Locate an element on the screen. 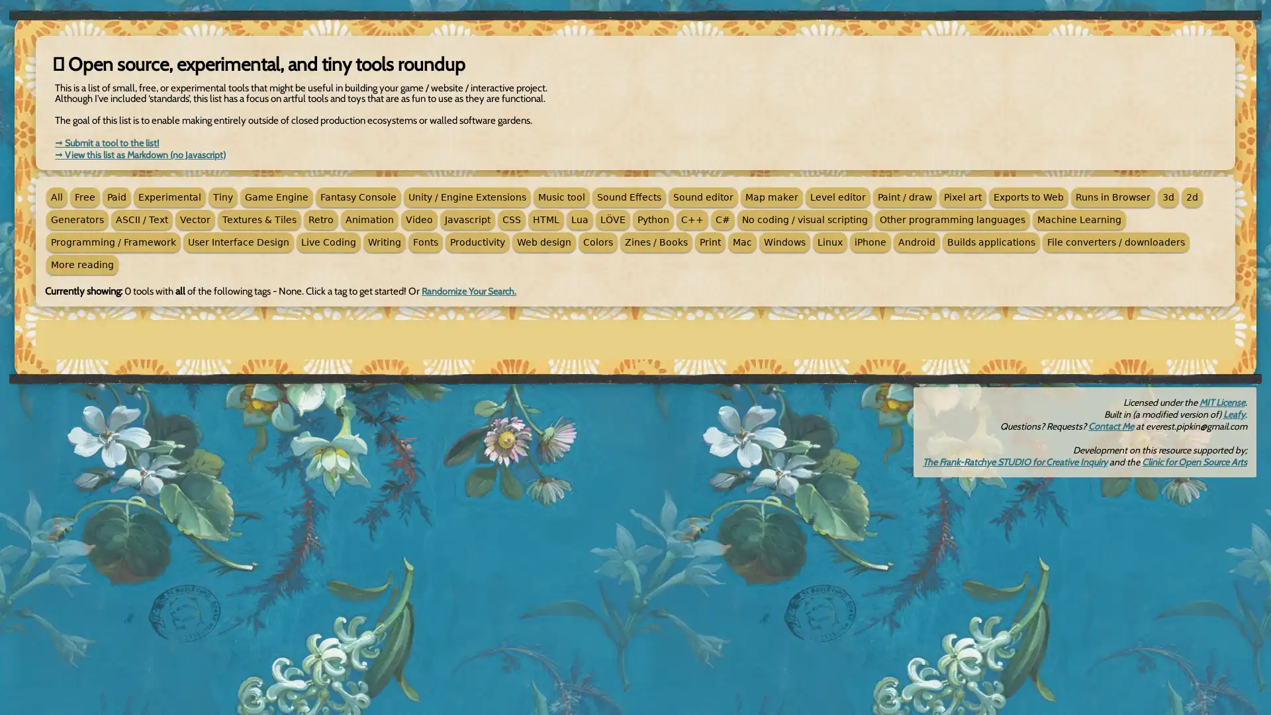  Tiny is located at coordinates (222, 197).